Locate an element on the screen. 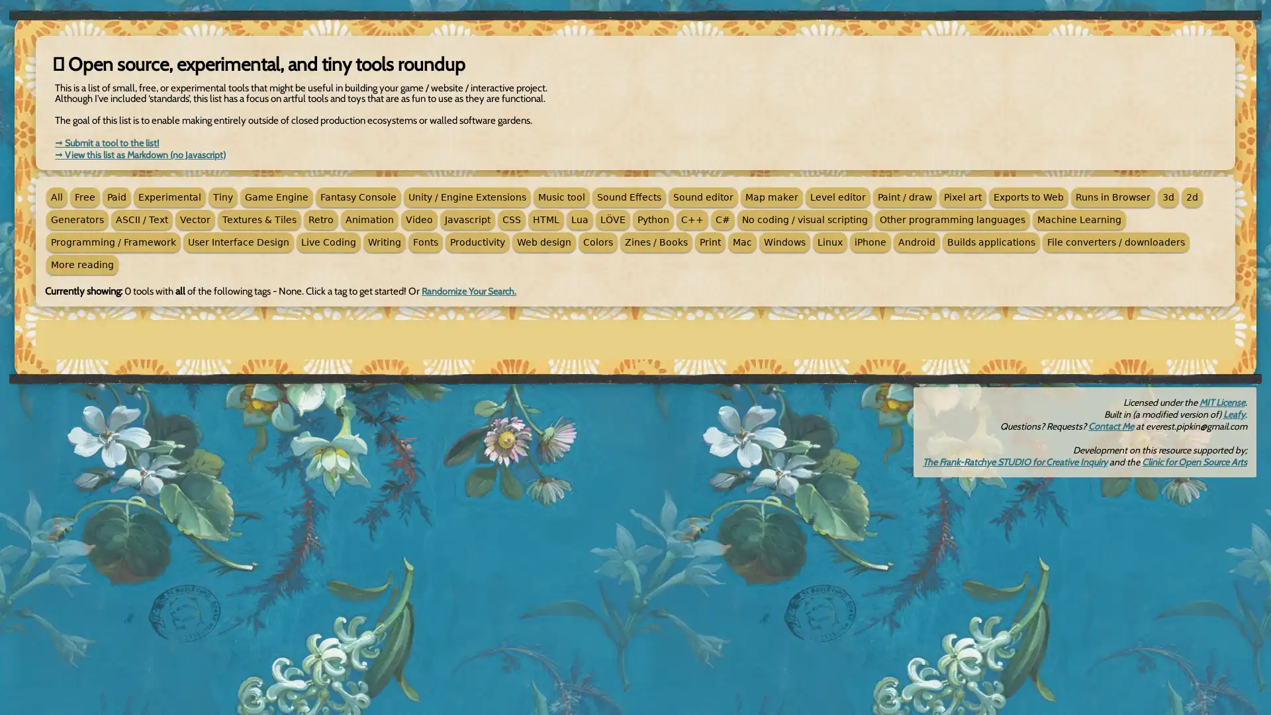  Tiny is located at coordinates (222, 197).